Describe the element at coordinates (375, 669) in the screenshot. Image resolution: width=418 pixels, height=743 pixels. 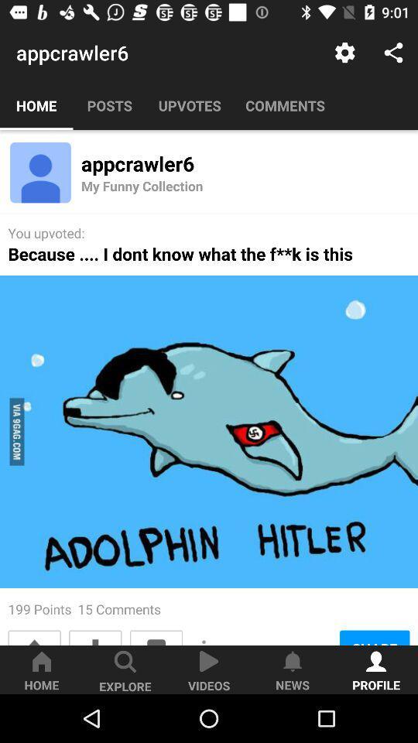
I see `the button on the bottom right corner of the web page` at that location.